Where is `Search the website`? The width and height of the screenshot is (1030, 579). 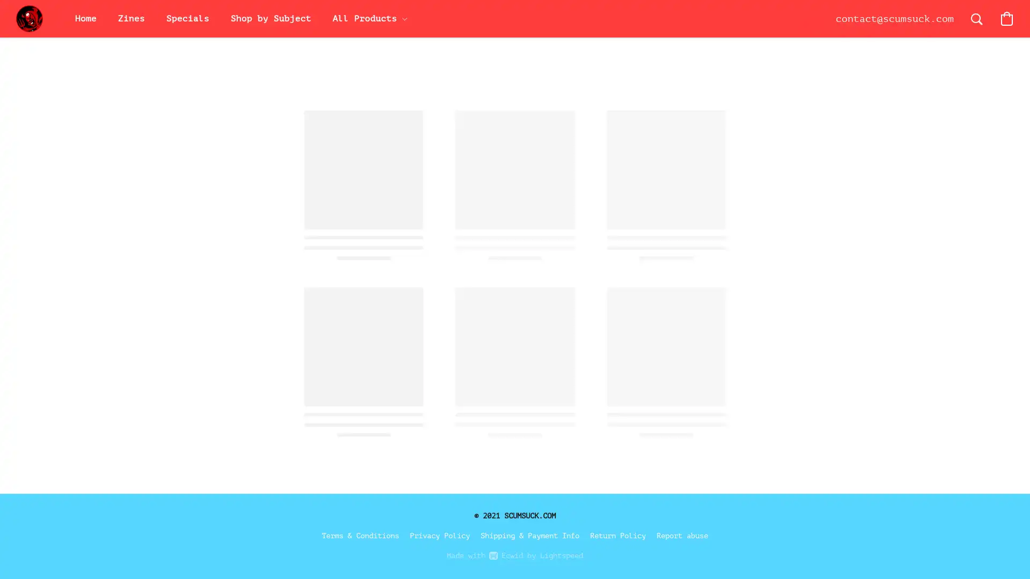
Search the website is located at coordinates (976, 18).